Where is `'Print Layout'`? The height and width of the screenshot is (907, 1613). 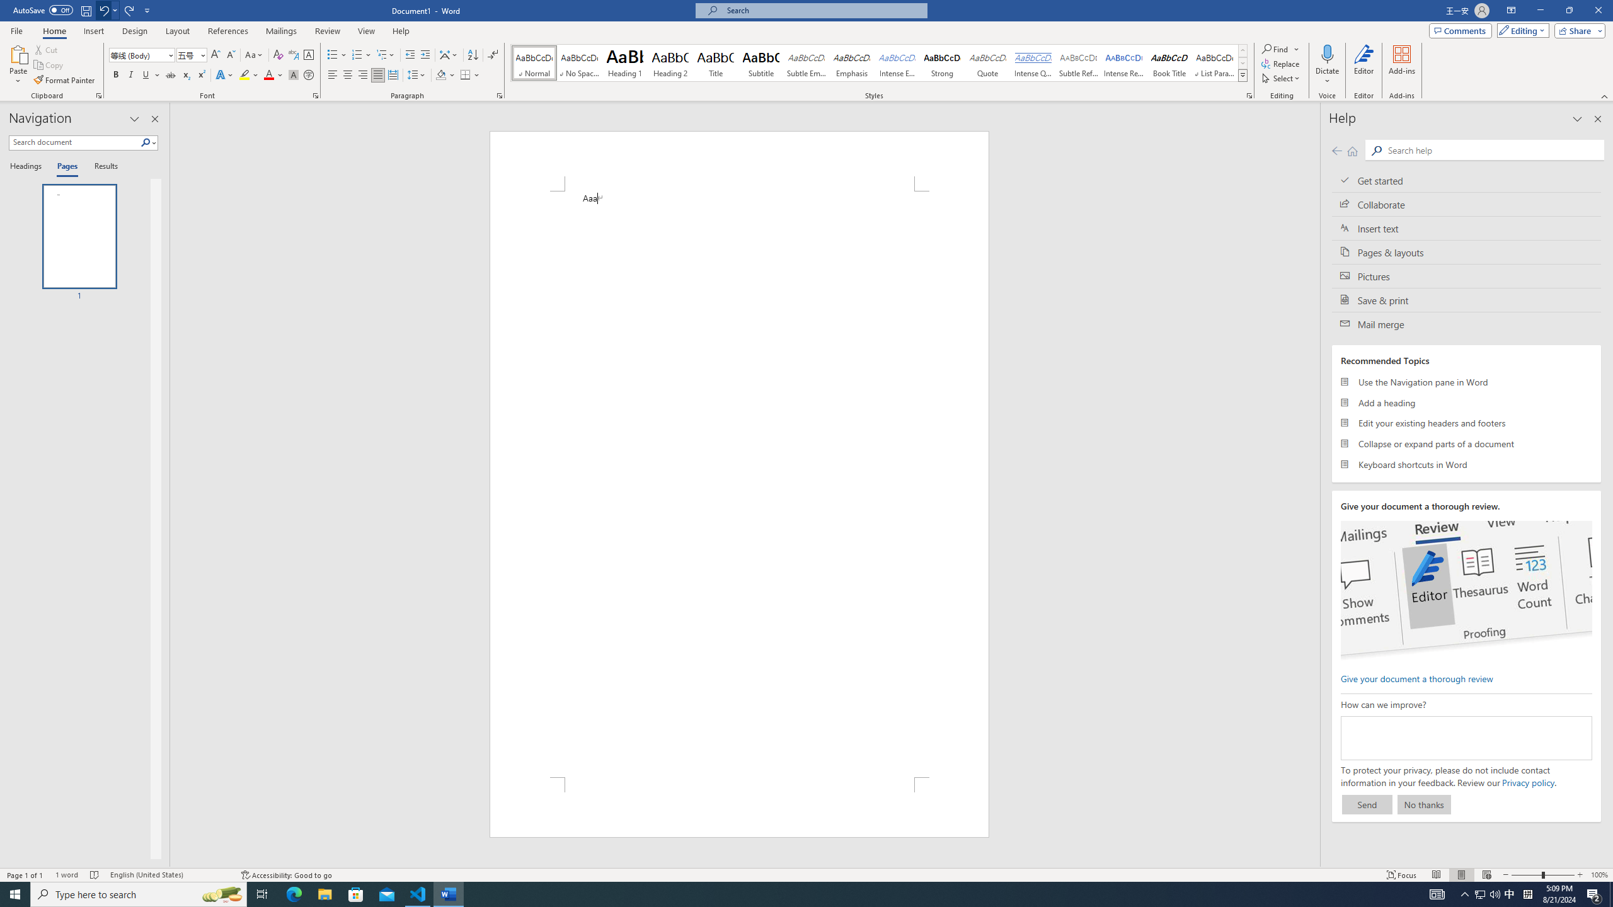 'Print Layout' is located at coordinates (1461, 875).